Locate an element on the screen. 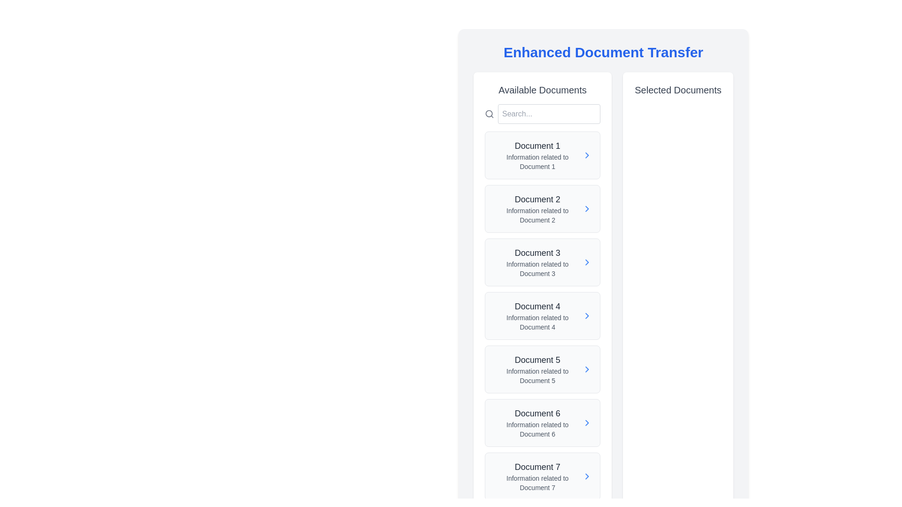  the rightward-pointing chevron icon adjacent to 'Document 1' in the 'Available Documents' list is located at coordinates (587, 155).